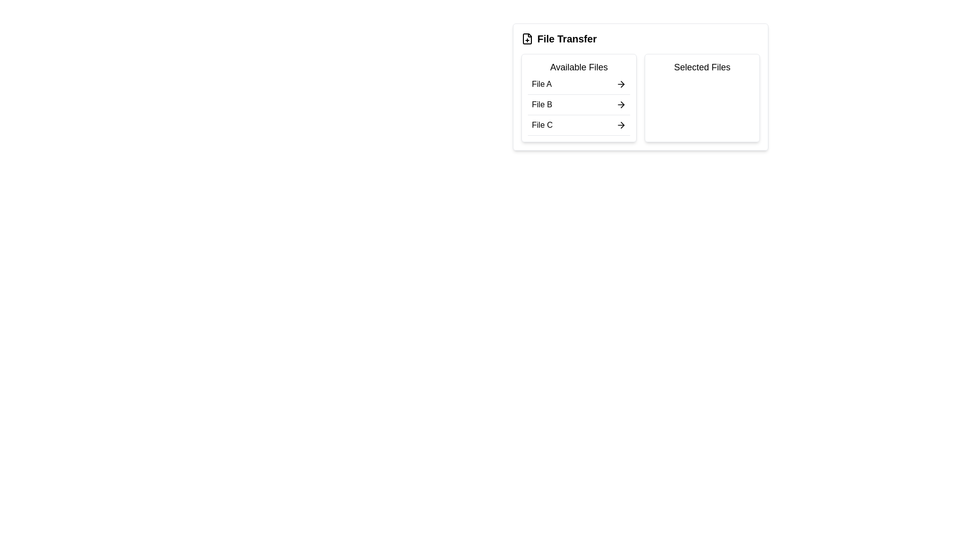 The width and height of the screenshot is (958, 539). What do you see at coordinates (622, 104) in the screenshot?
I see `the arrow icon that represents the action of transferring a file from 'Available Files' to 'Selected Files', located adjacent to the 'File B' label in the 'Available Files' section` at bounding box center [622, 104].